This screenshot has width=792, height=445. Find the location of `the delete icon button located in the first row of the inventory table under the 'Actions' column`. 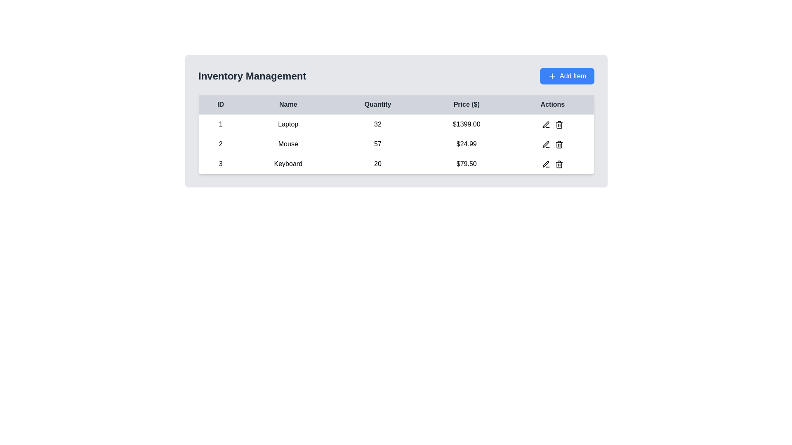

the delete icon button located in the first row of the inventory table under the 'Actions' column is located at coordinates (559, 124).